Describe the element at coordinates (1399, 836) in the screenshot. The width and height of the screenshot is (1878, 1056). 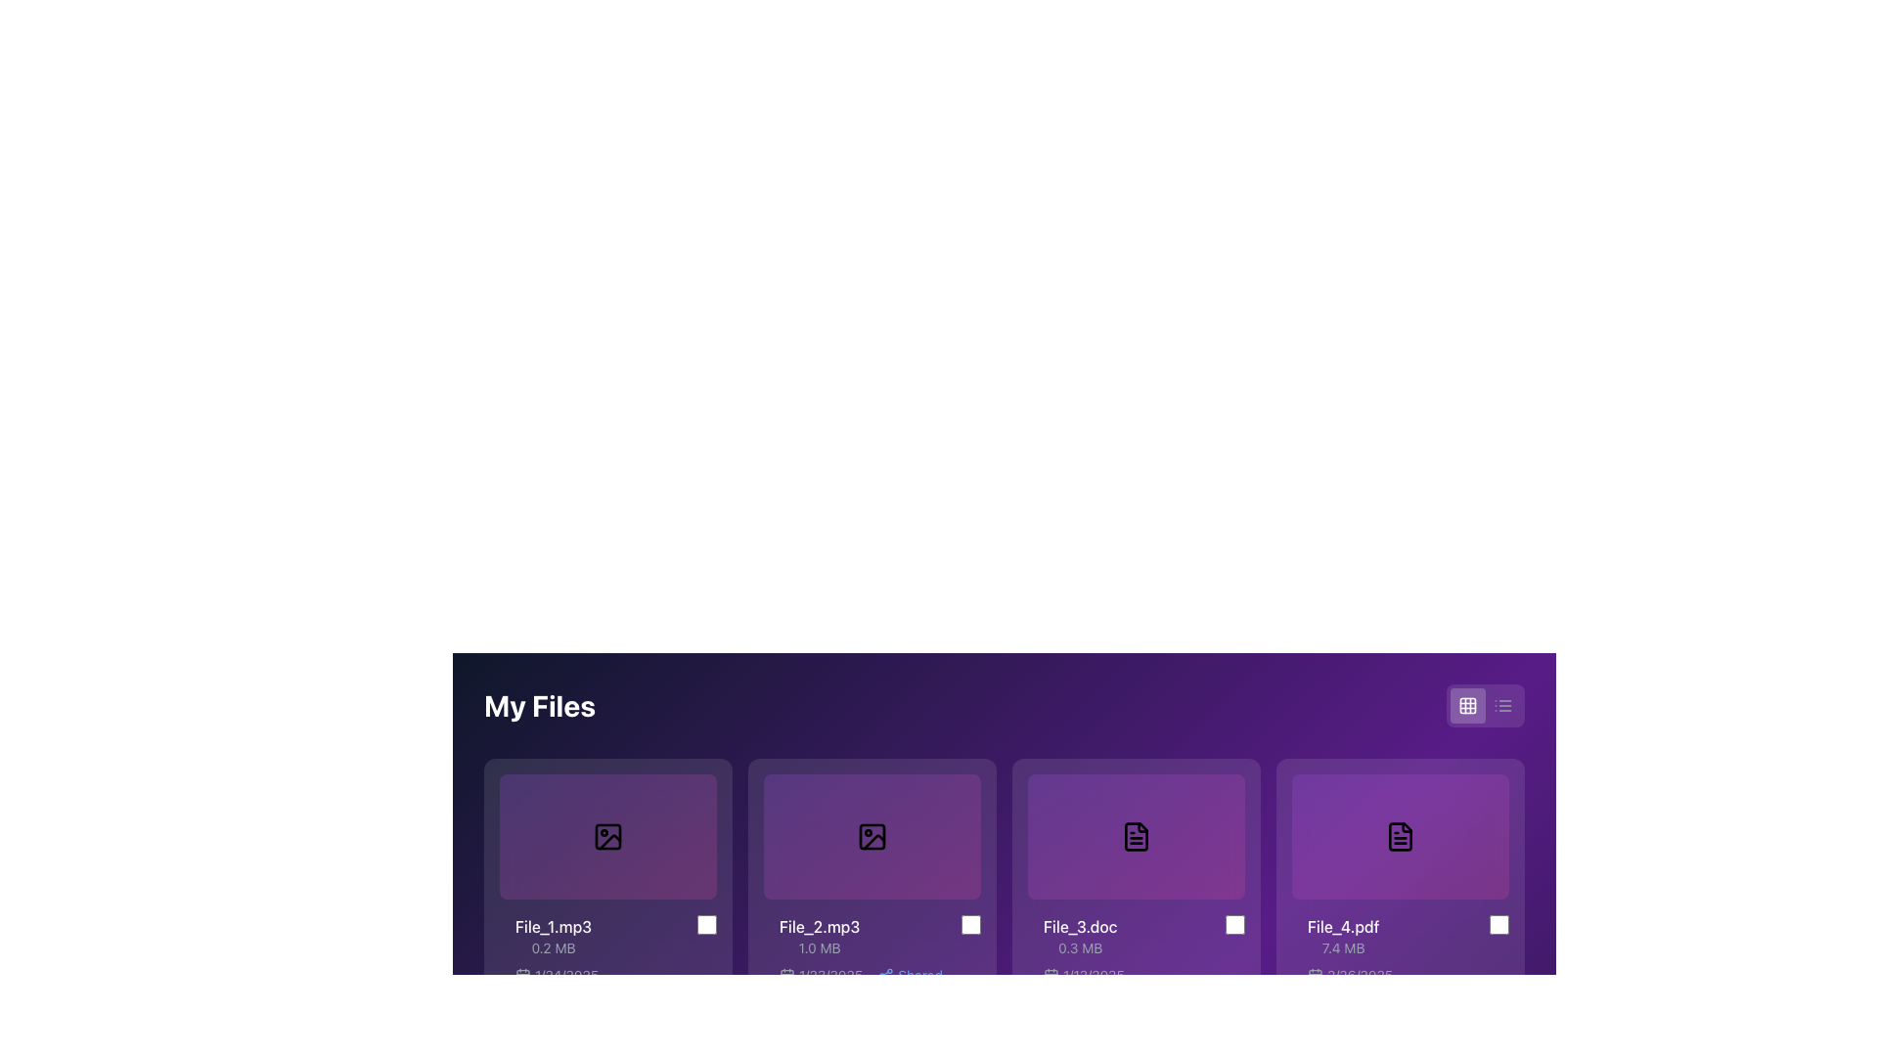
I see `the purple rectangular card with a black document icon in the center` at that location.